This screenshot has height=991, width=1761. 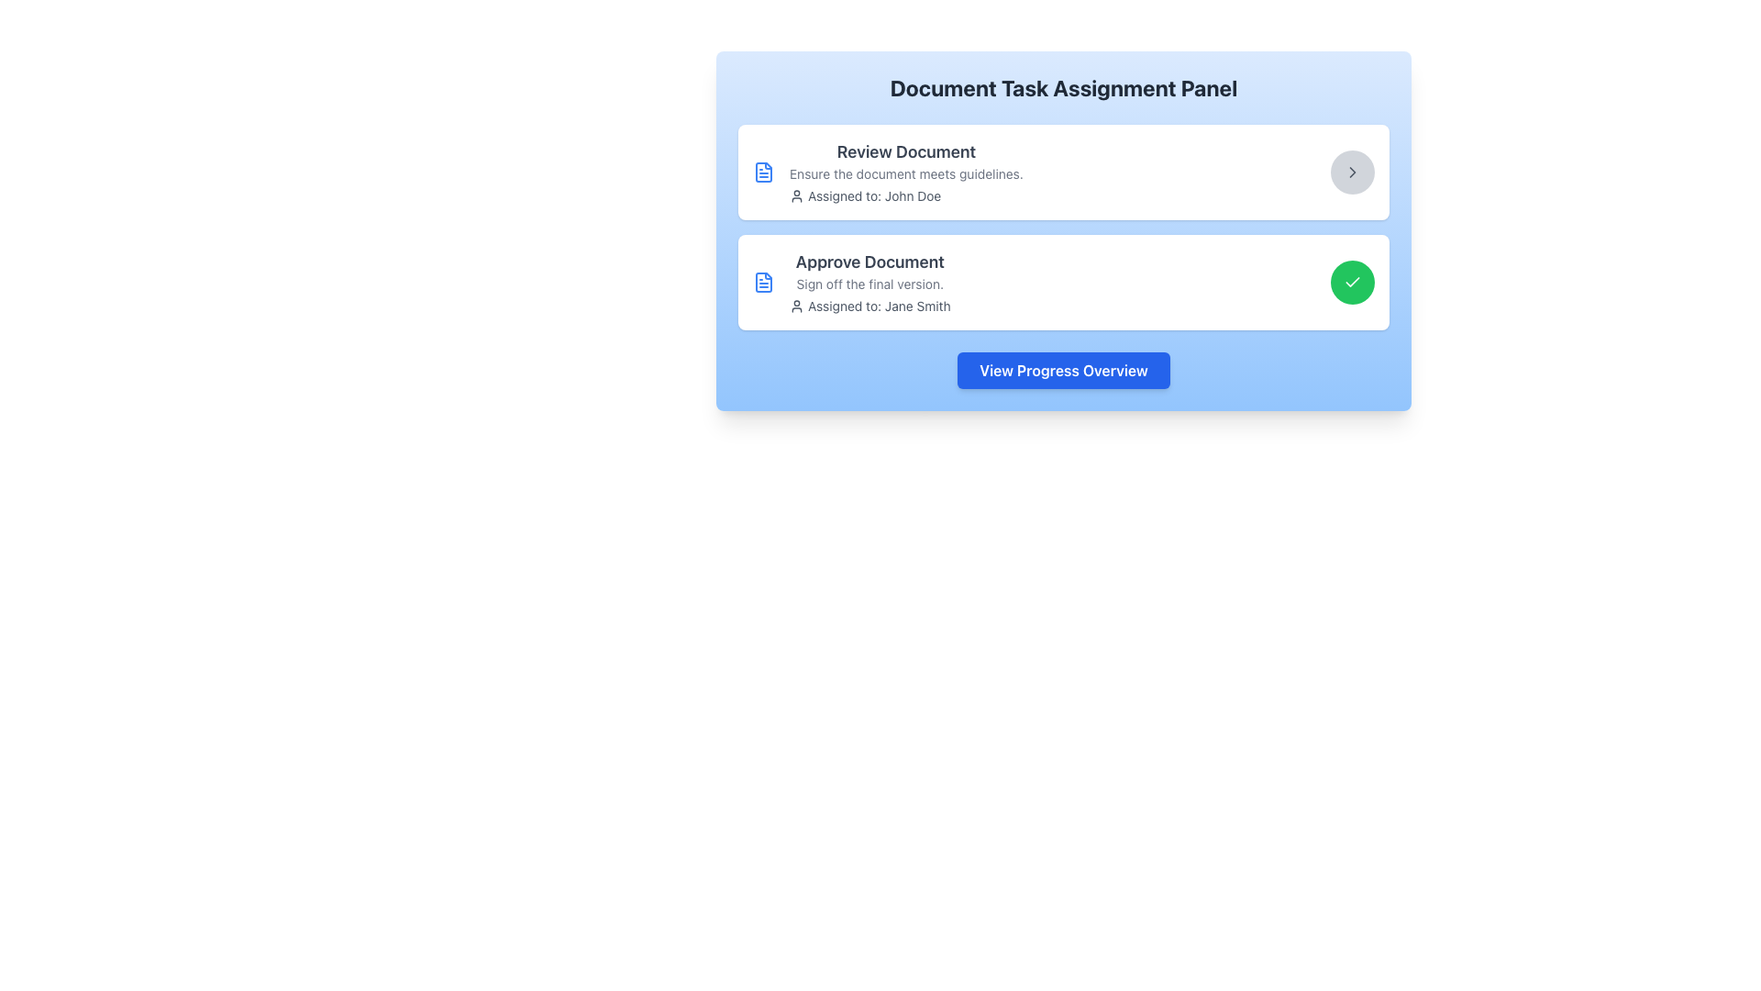 I want to click on the 'Approve Document' icon located in the second row of the document assignment list, which visually indicates the task related to document activities, so click(x=764, y=283).